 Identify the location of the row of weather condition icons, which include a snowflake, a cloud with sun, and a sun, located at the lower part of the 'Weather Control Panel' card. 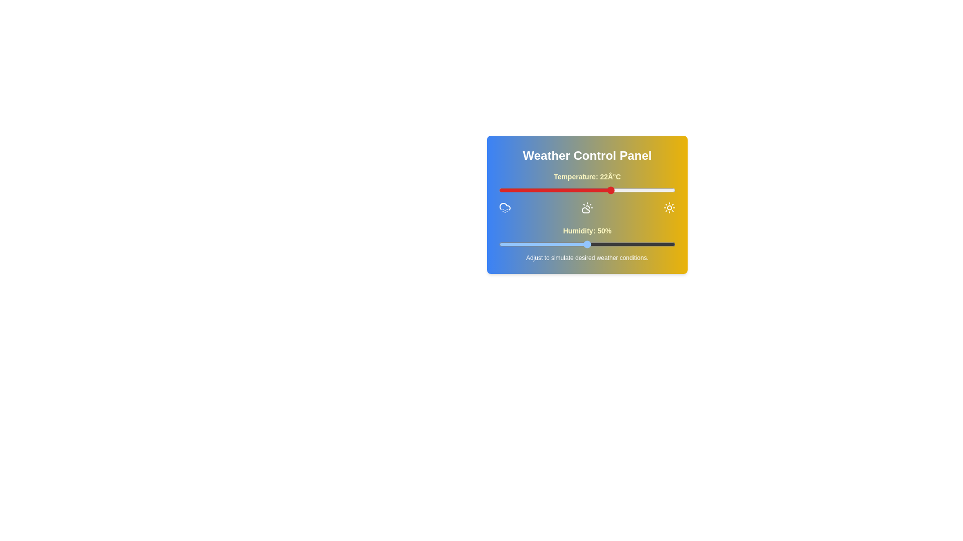
(587, 207).